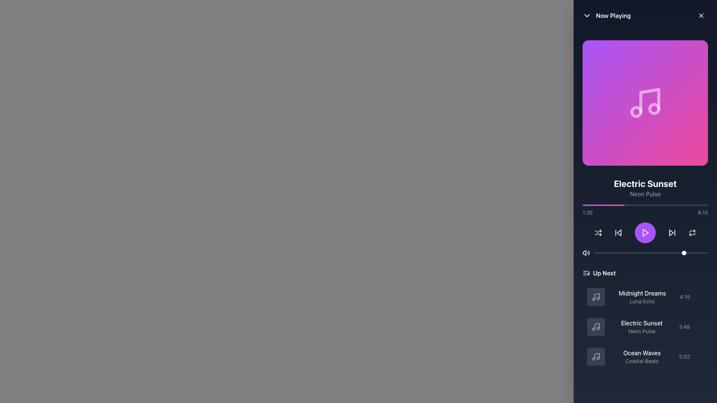 The image size is (717, 403). What do you see at coordinates (618, 232) in the screenshot?
I see `the skip backward button located in the music control panel` at bounding box center [618, 232].